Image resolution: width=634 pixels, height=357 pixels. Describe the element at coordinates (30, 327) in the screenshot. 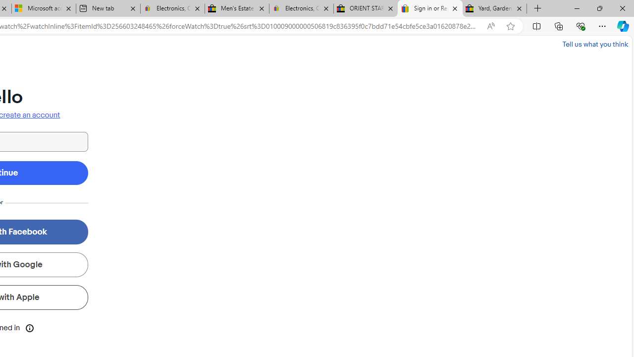

I see `'Class: icon-btn tooltip__host icon-btn--transparent'` at that location.